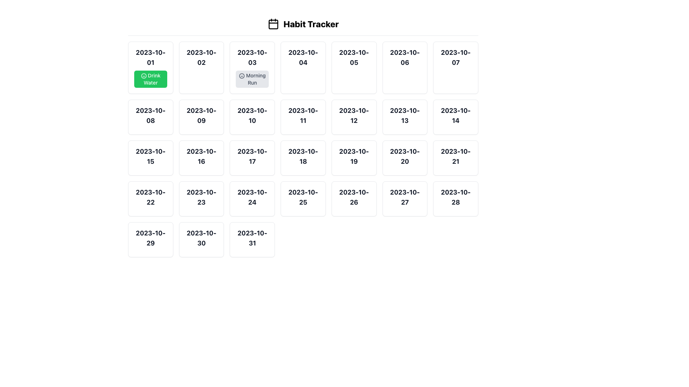  What do you see at coordinates (455, 115) in the screenshot?
I see `the bold text label displaying the date '2023-10-14', which is centrally positioned within a rounded, bordered block in the last column of the second row of the grid layout` at bounding box center [455, 115].